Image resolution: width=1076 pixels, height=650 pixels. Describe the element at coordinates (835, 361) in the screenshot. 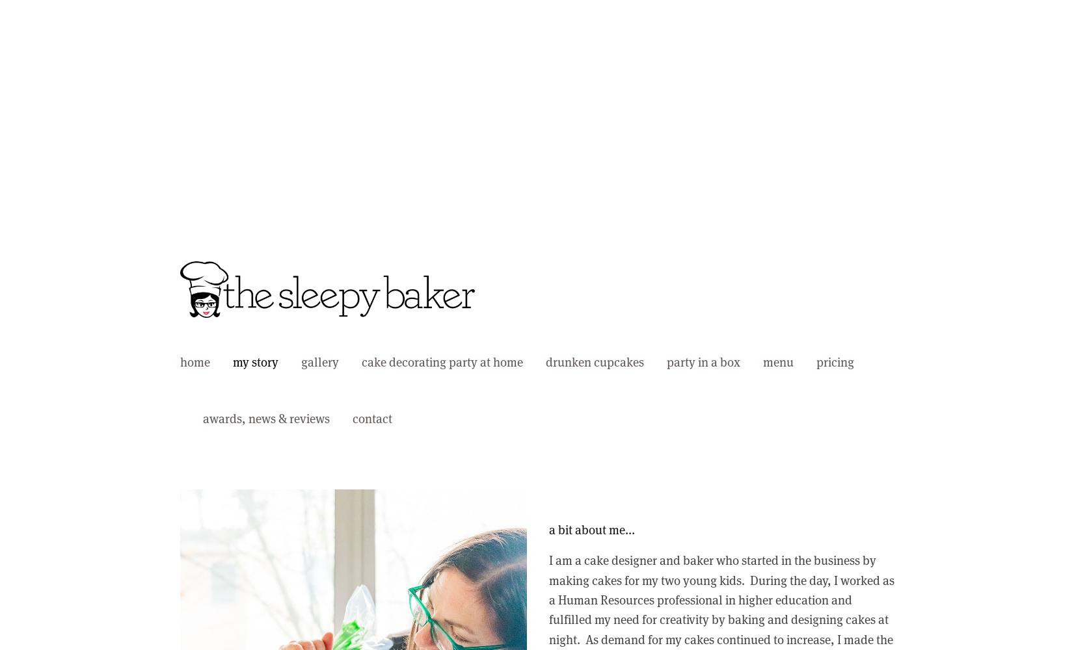

I see `'pricing'` at that location.